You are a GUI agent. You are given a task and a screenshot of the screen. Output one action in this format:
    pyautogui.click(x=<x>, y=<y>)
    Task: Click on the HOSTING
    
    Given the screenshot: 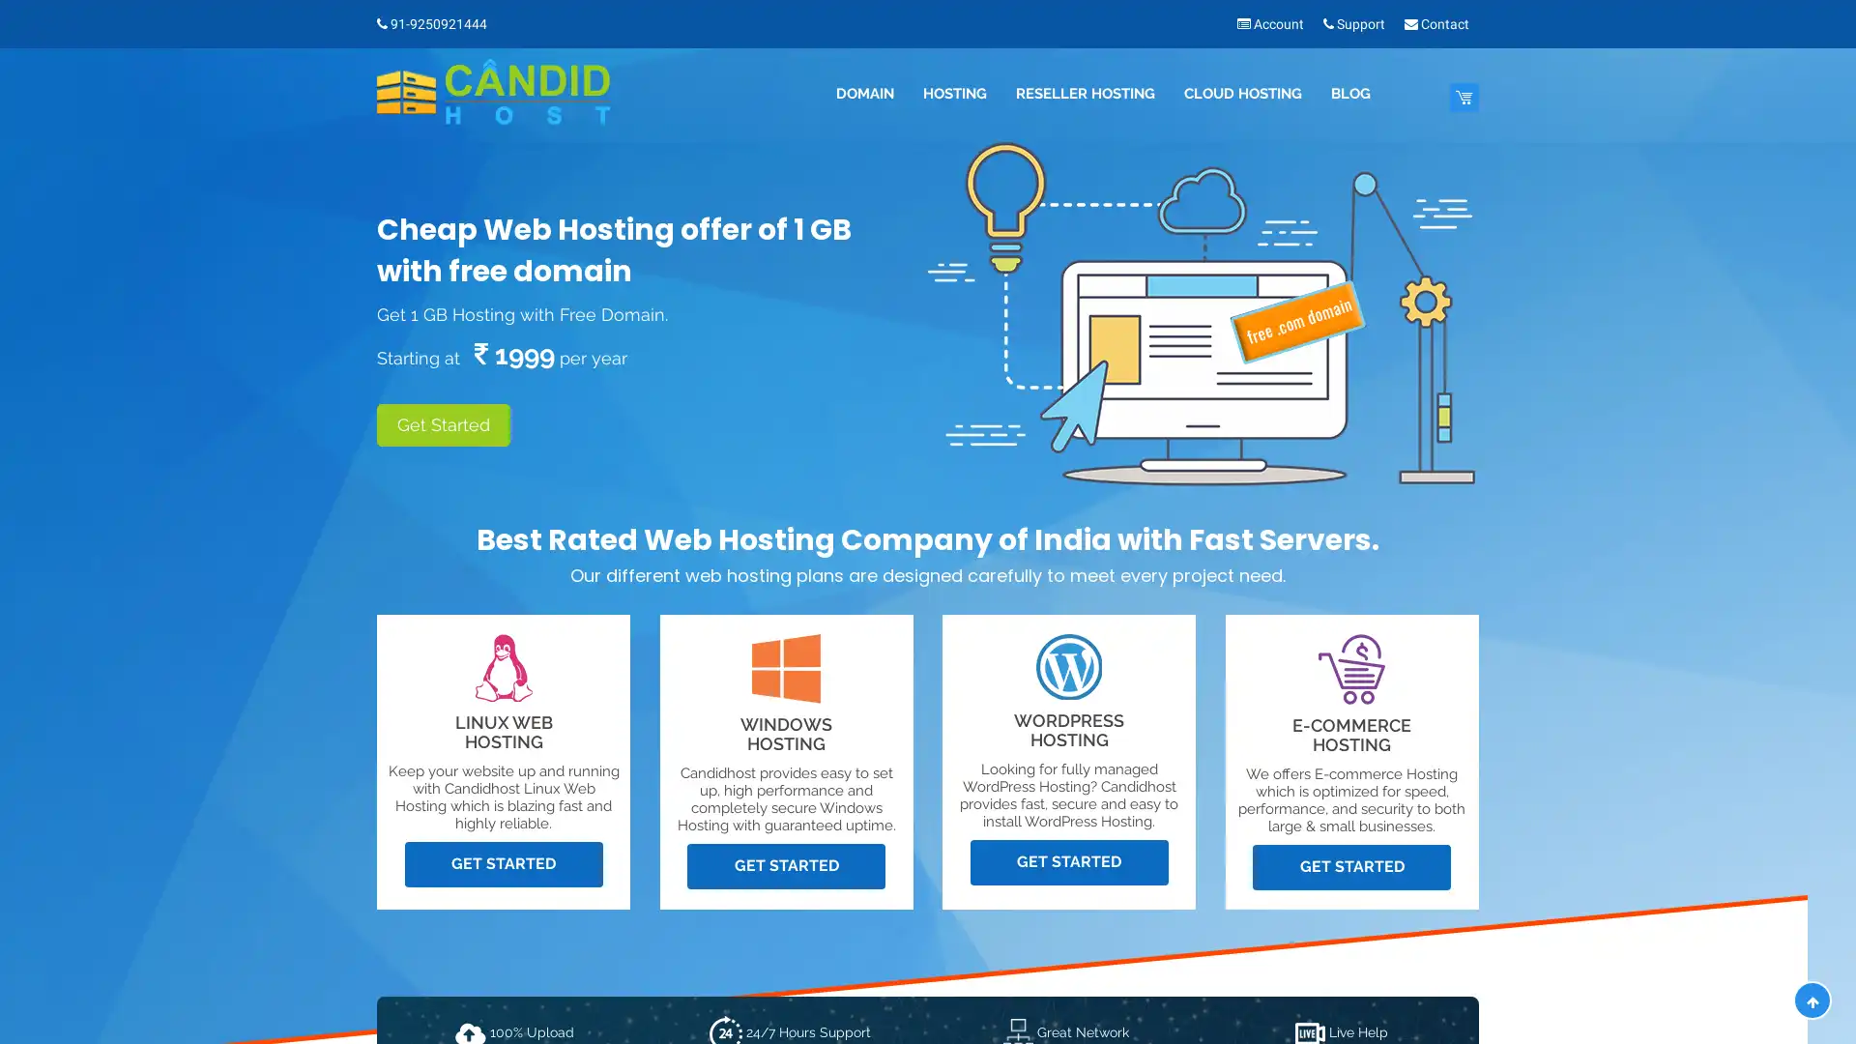 What is the action you would take?
    pyautogui.click(x=954, y=94)
    